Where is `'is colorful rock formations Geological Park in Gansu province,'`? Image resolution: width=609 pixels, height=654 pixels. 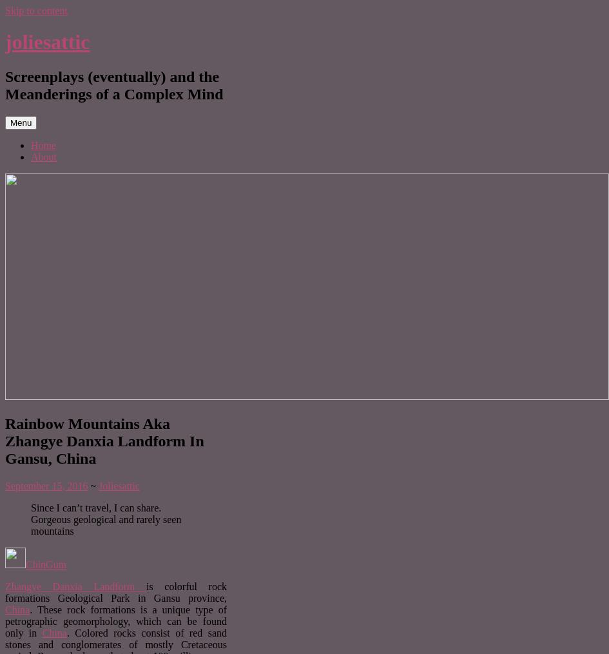
'is colorful rock formations Geological Park in Gansu province,' is located at coordinates (116, 591).